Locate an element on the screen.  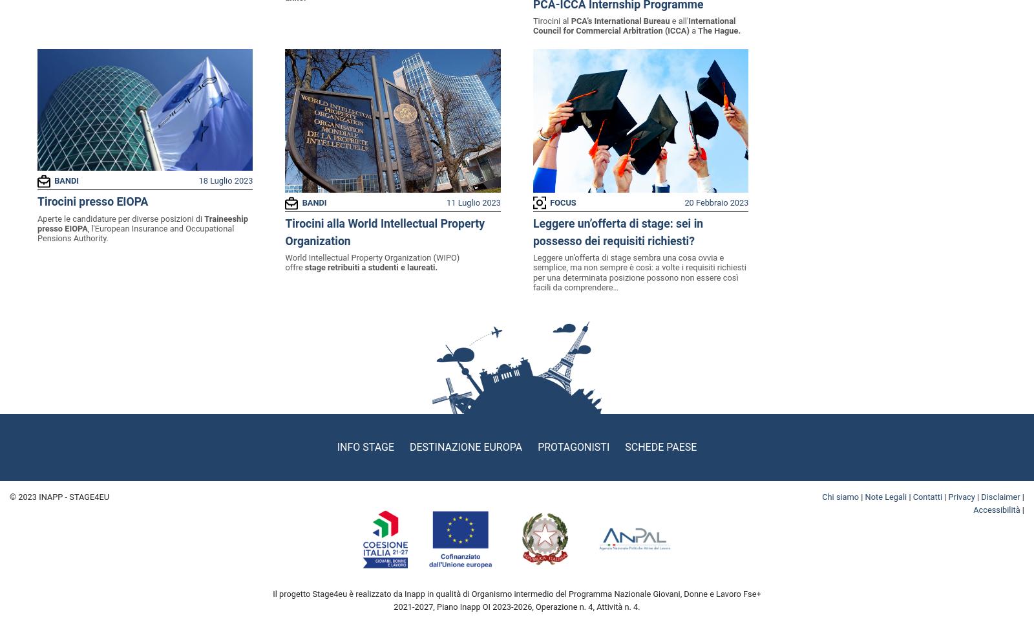
'Il progetto Stage4eu è realizzato da Inapp in qualità di Organismo intermedio del Programma Nazionale Giovani, Donne e Lavoro Fse+ 2021-2027, Piano Inapp OI 2023-2026, Operazione n. 4, Attività n. 4.' is located at coordinates (516, 600).